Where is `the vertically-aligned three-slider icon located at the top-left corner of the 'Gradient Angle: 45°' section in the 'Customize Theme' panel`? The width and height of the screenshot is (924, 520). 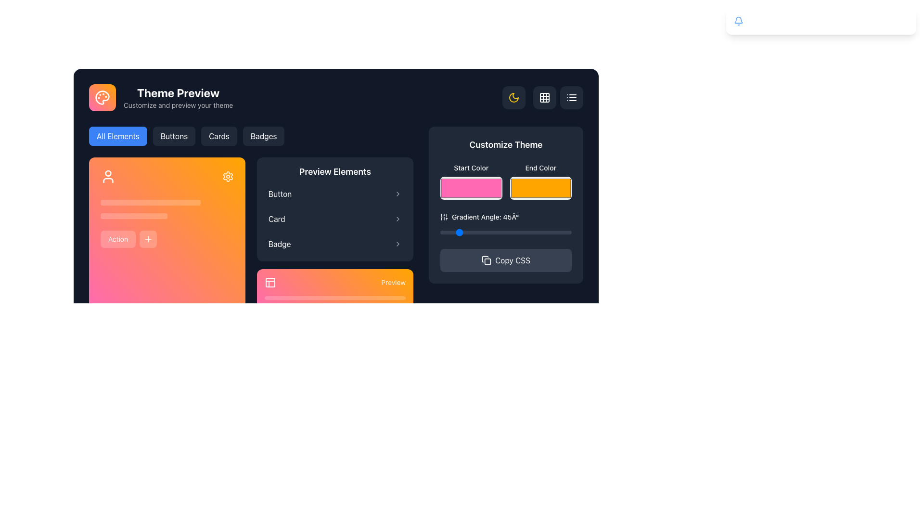
the vertically-aligned three-slider icon located at the top-left corner of the 'Gradient Angle: 45°' section in the 'Customize Theme' panel is located at coordinates (443, 217).